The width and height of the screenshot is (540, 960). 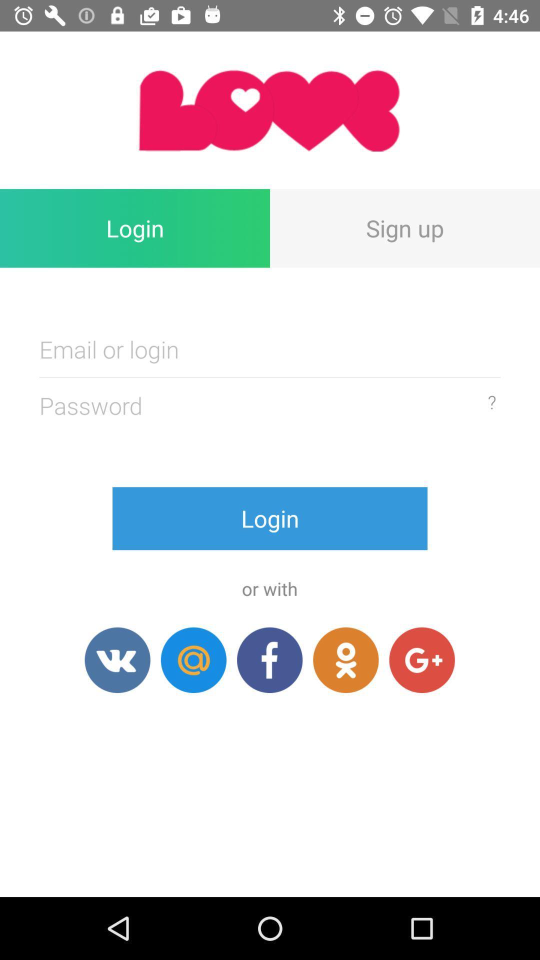 I want to click on radio button next to login icon, so click(x=405, y=227).